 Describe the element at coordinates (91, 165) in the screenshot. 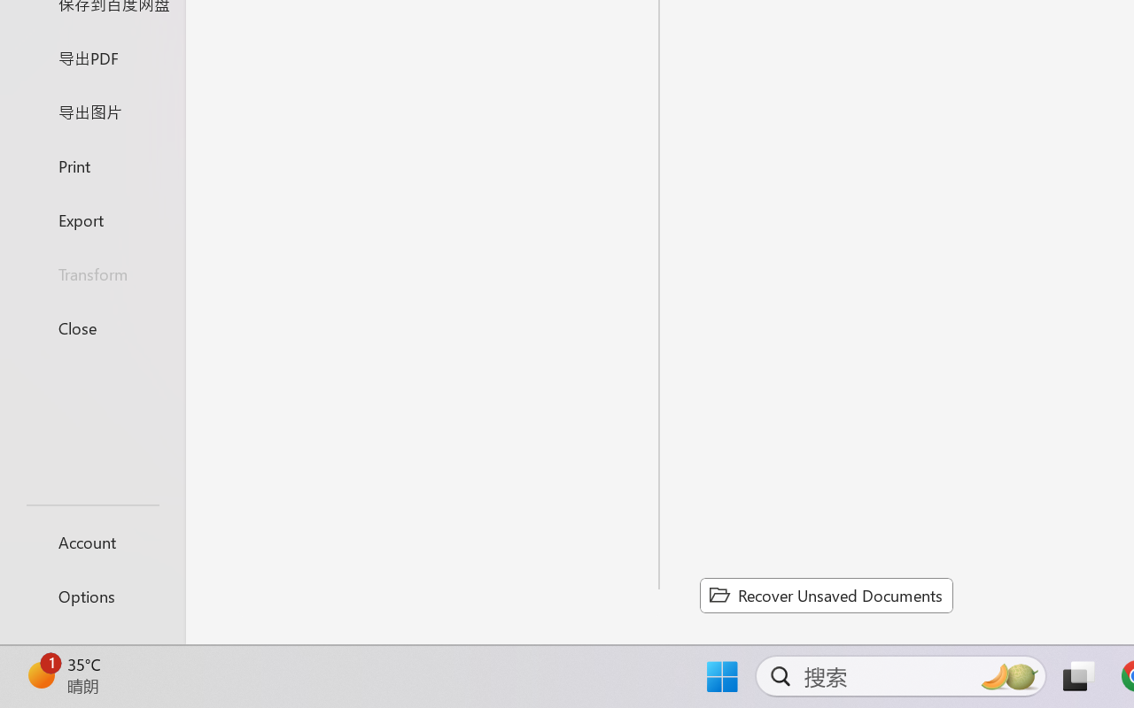

I see `'Print'` at that location.